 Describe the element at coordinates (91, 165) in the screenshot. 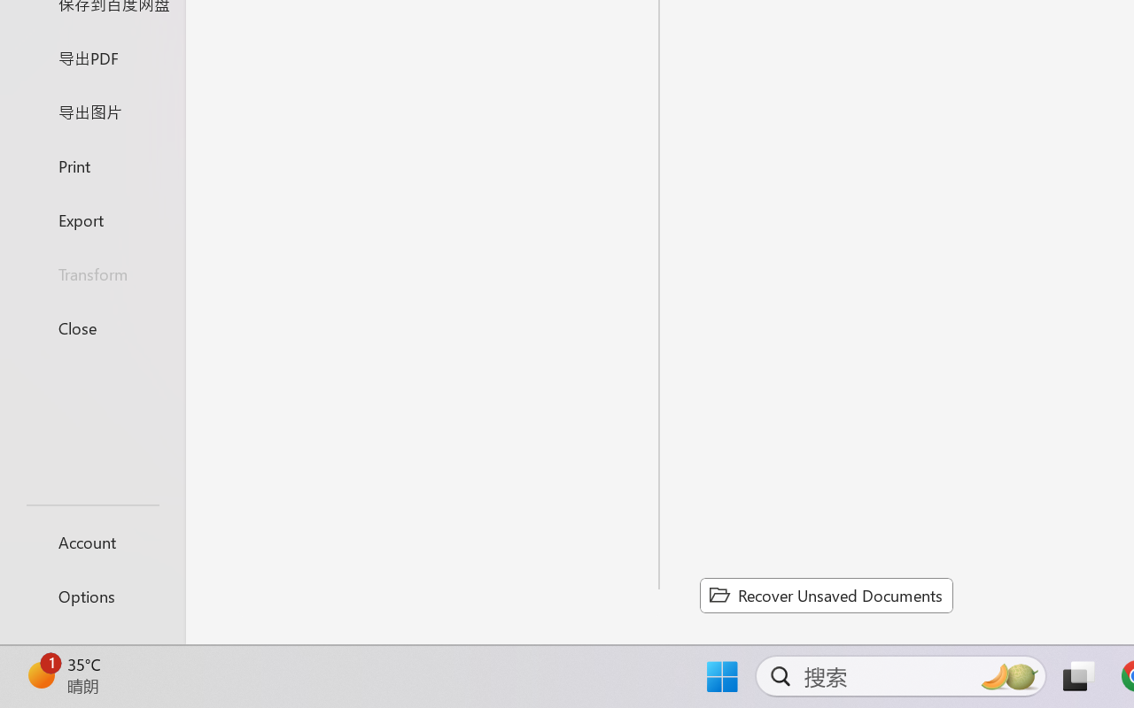

I see `'Print'` at that location.